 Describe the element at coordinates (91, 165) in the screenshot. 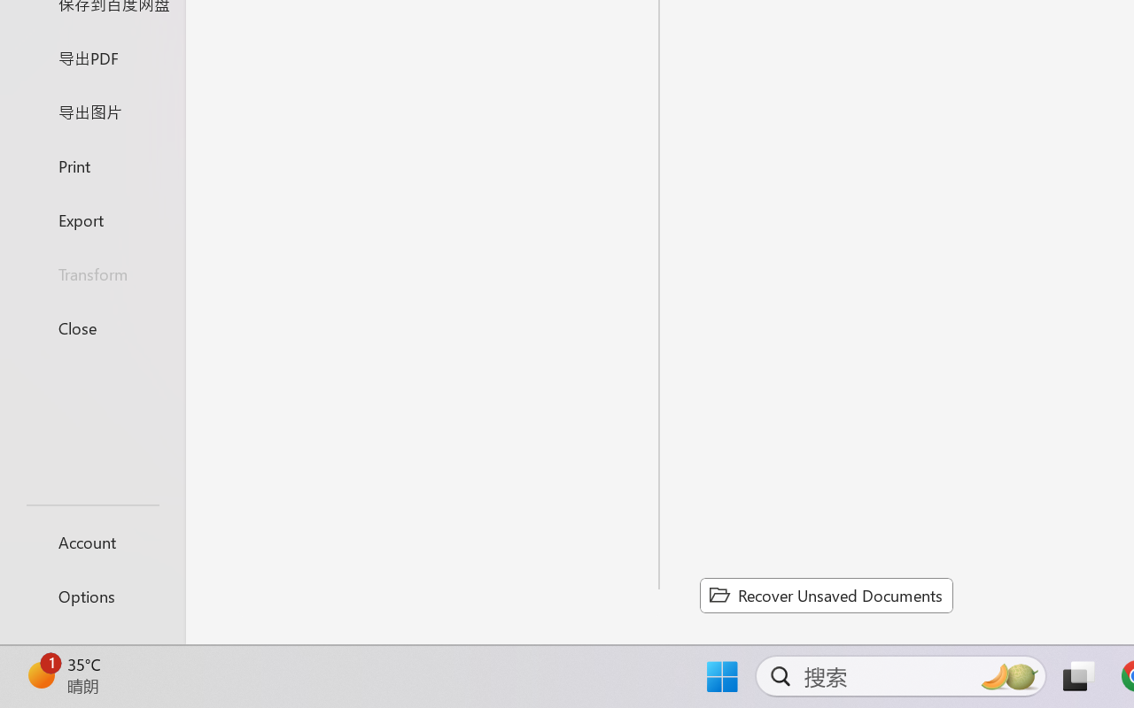

I see `'Print'` at that location.